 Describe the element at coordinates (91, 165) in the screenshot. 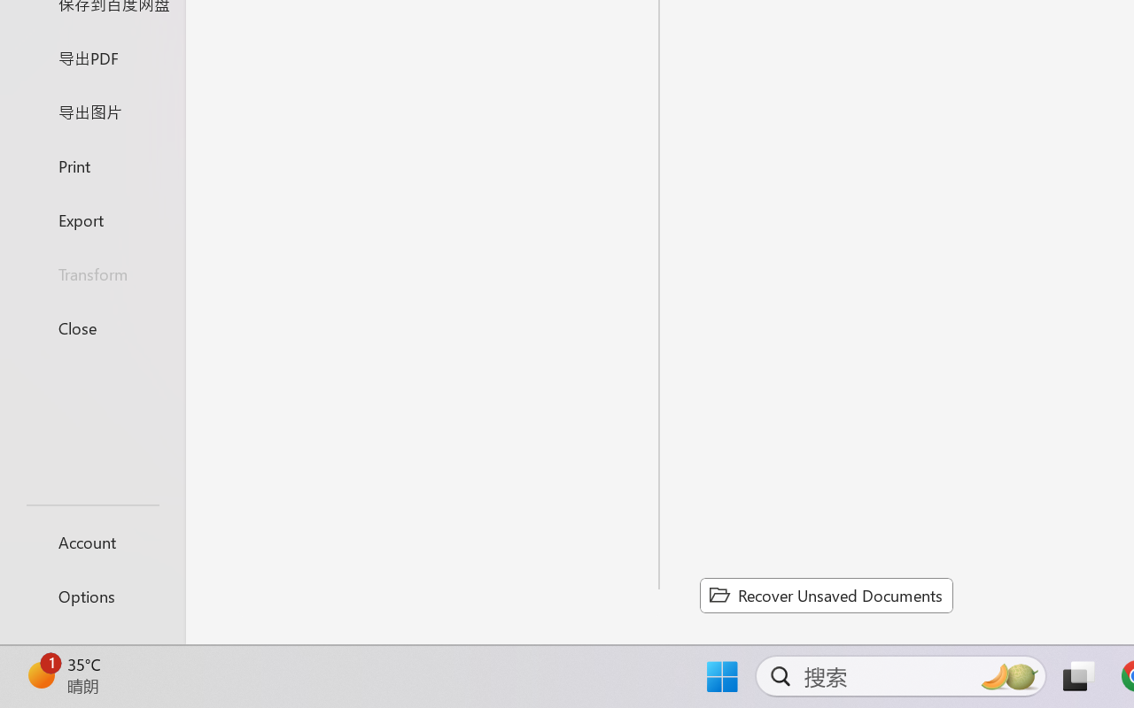

I see `'Print'` at that location.